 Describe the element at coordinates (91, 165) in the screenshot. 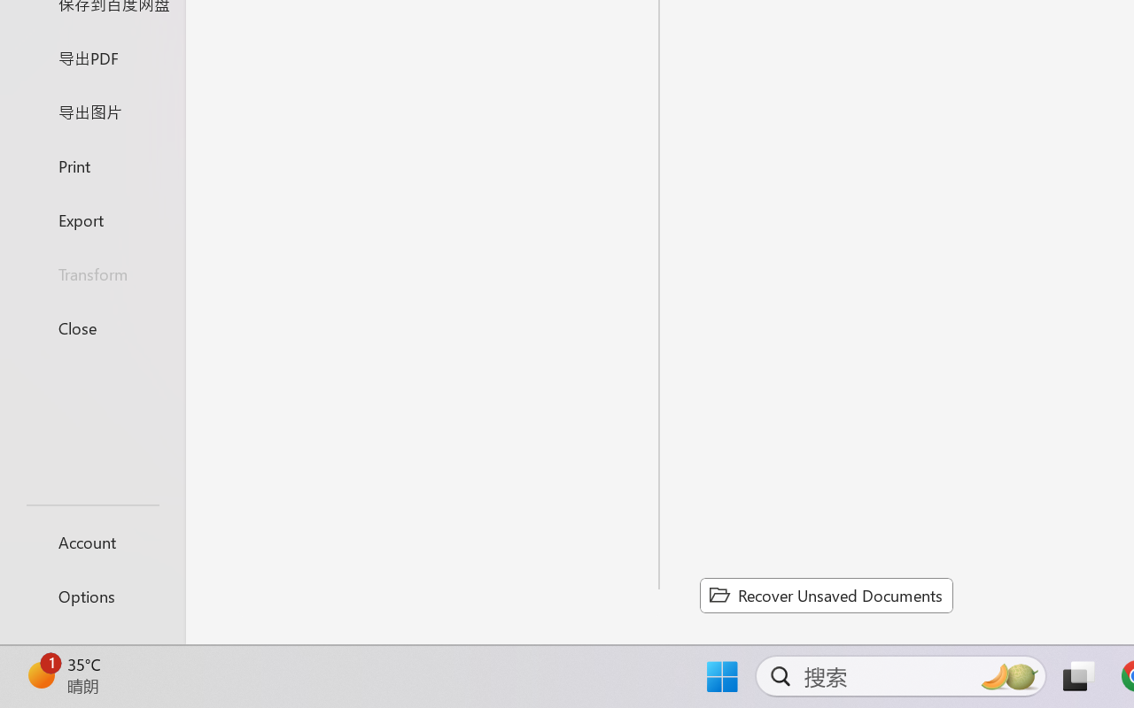

I see `'Print'` at that location.